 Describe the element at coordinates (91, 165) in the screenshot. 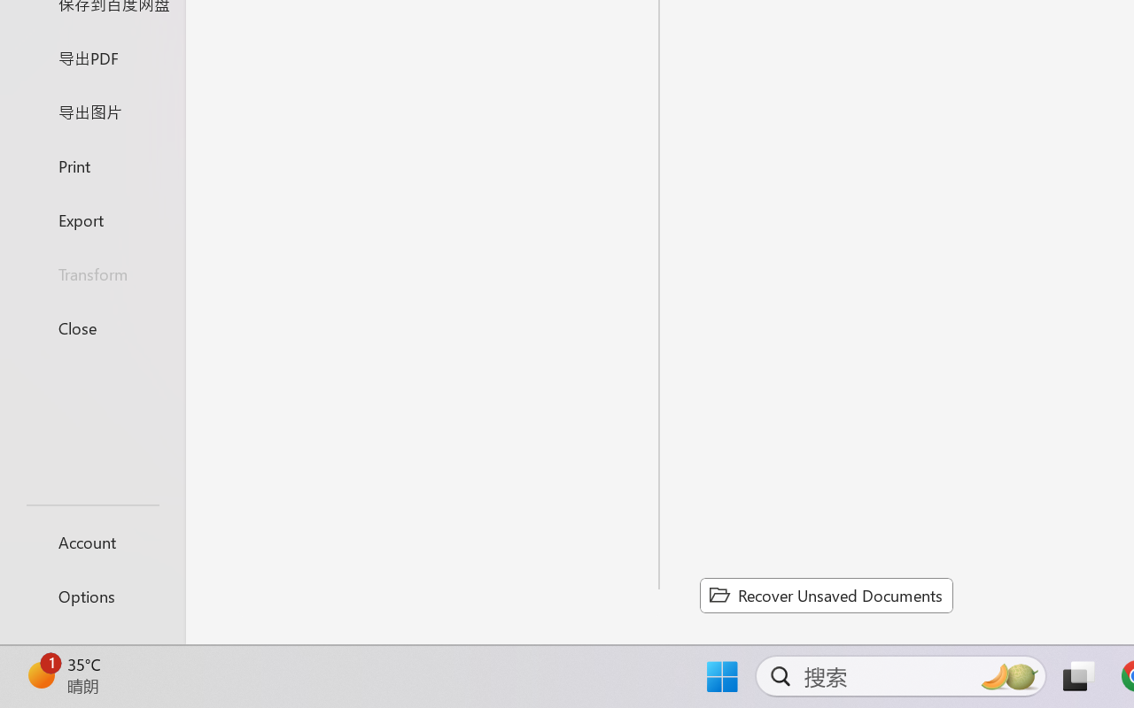

I see `'Print'` at that location.